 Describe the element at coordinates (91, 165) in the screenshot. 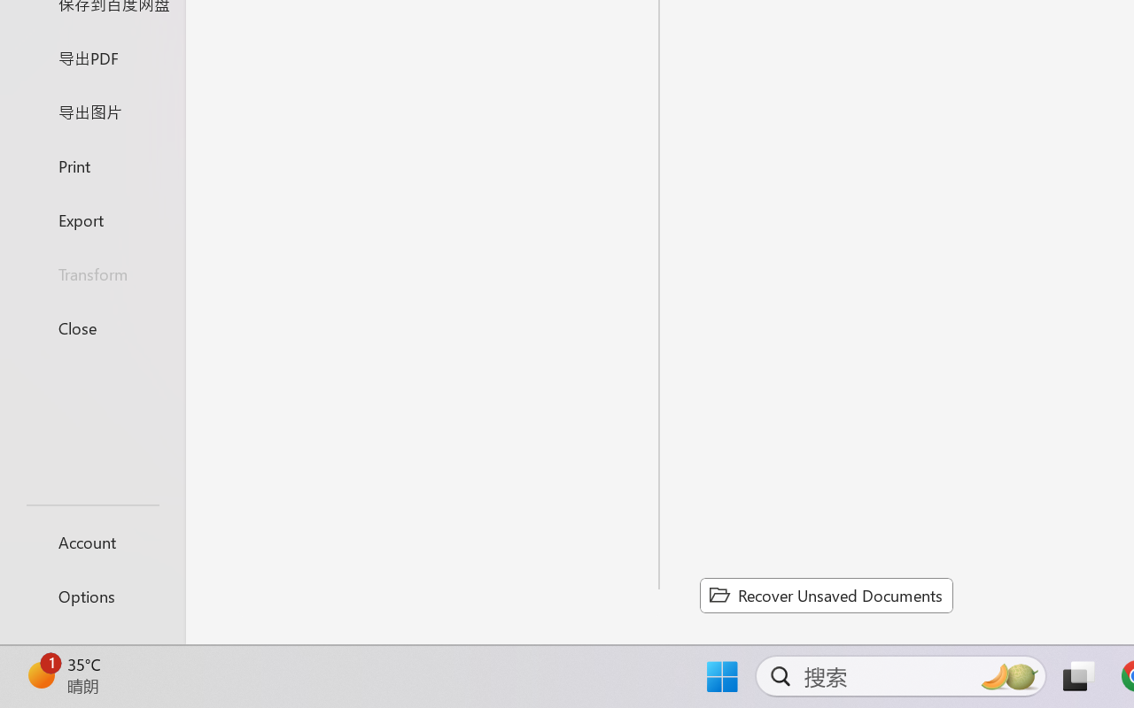

I see `'Print'` at that location.